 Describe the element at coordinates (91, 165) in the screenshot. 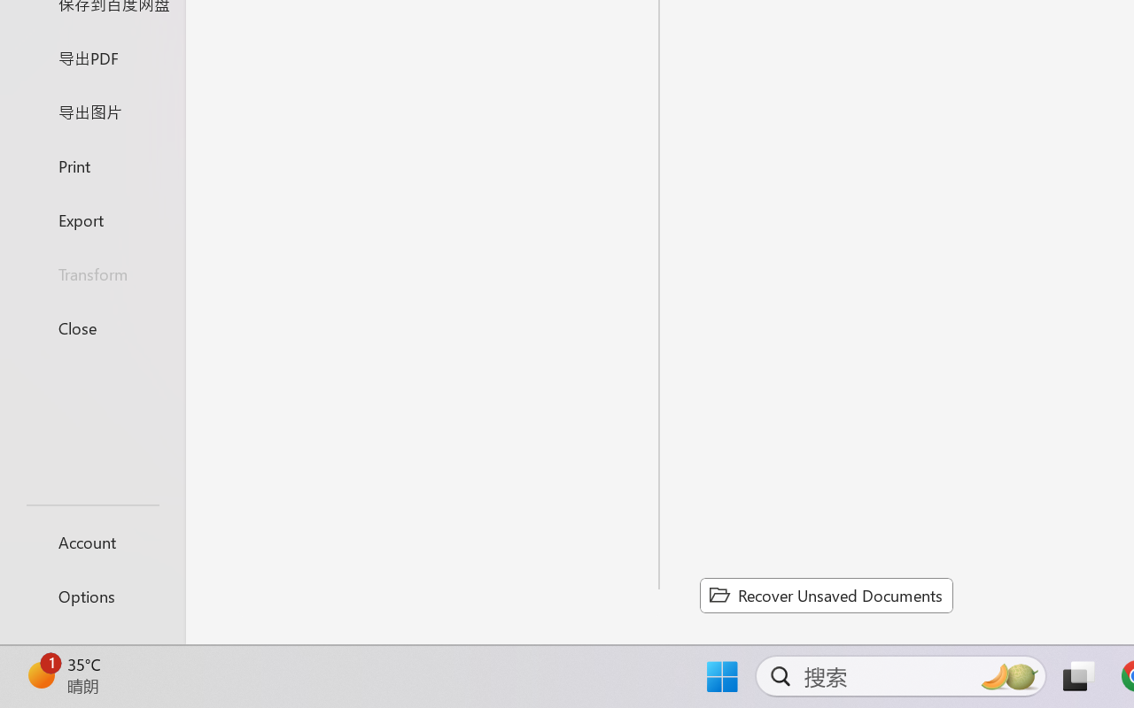

I see `'Print'` at that location.